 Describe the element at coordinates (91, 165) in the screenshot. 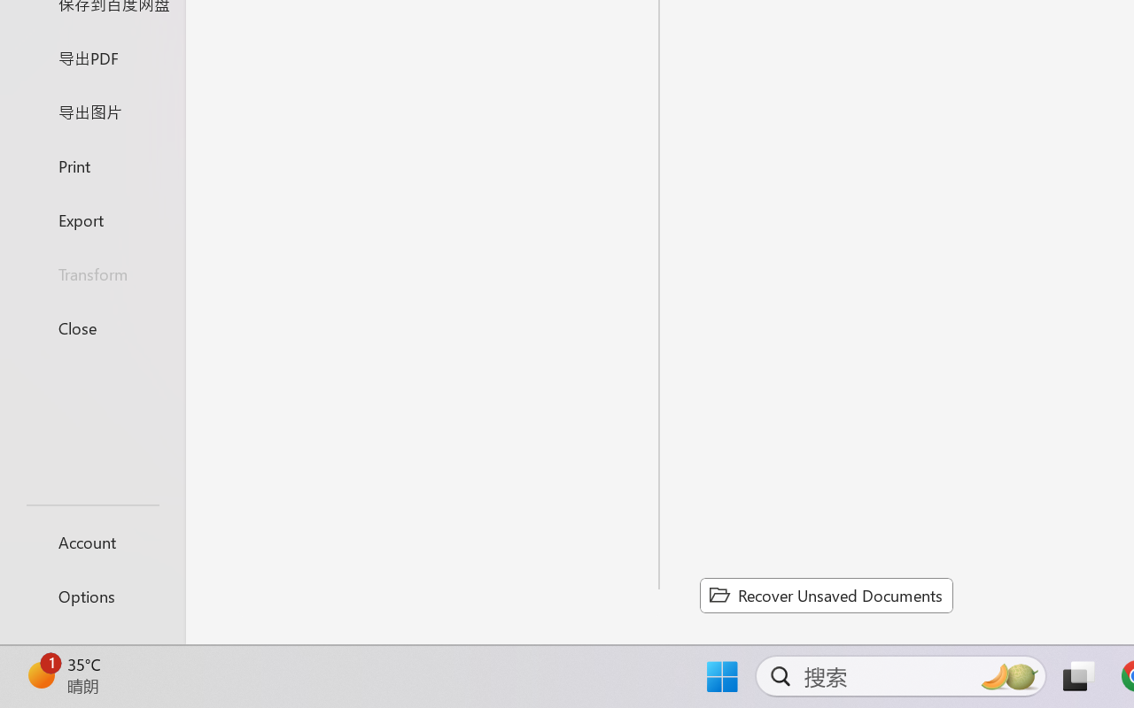

I see `'Print'` at that location.